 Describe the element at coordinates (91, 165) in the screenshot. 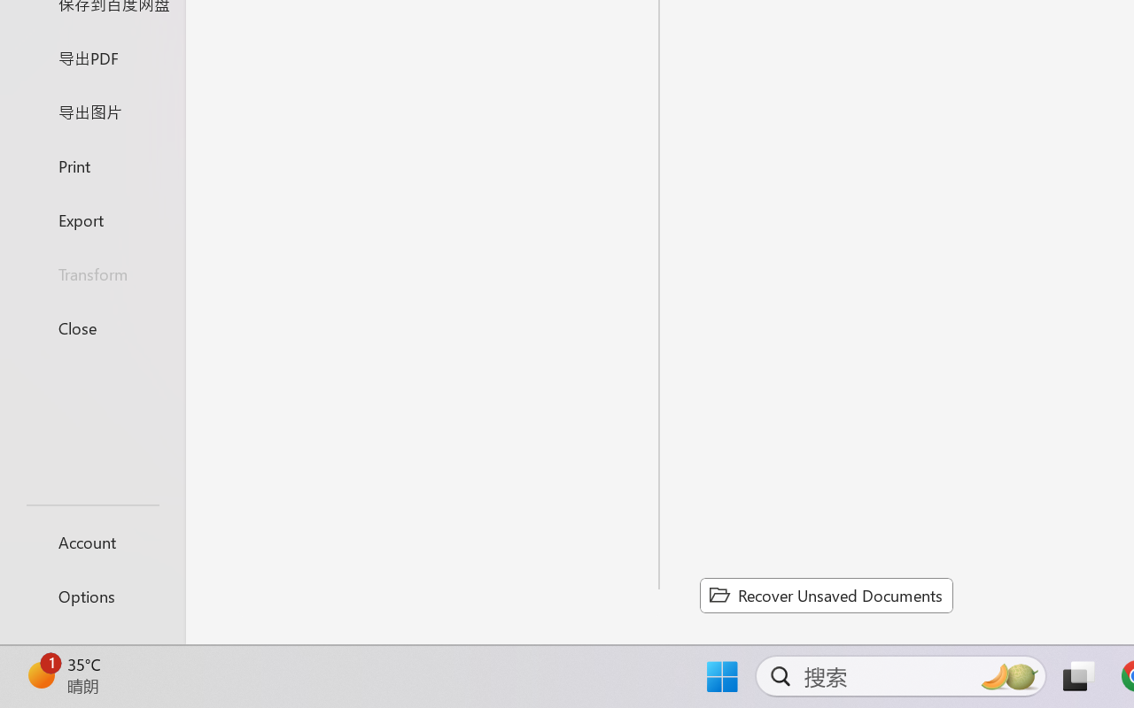

I see `'Print'` at that location.